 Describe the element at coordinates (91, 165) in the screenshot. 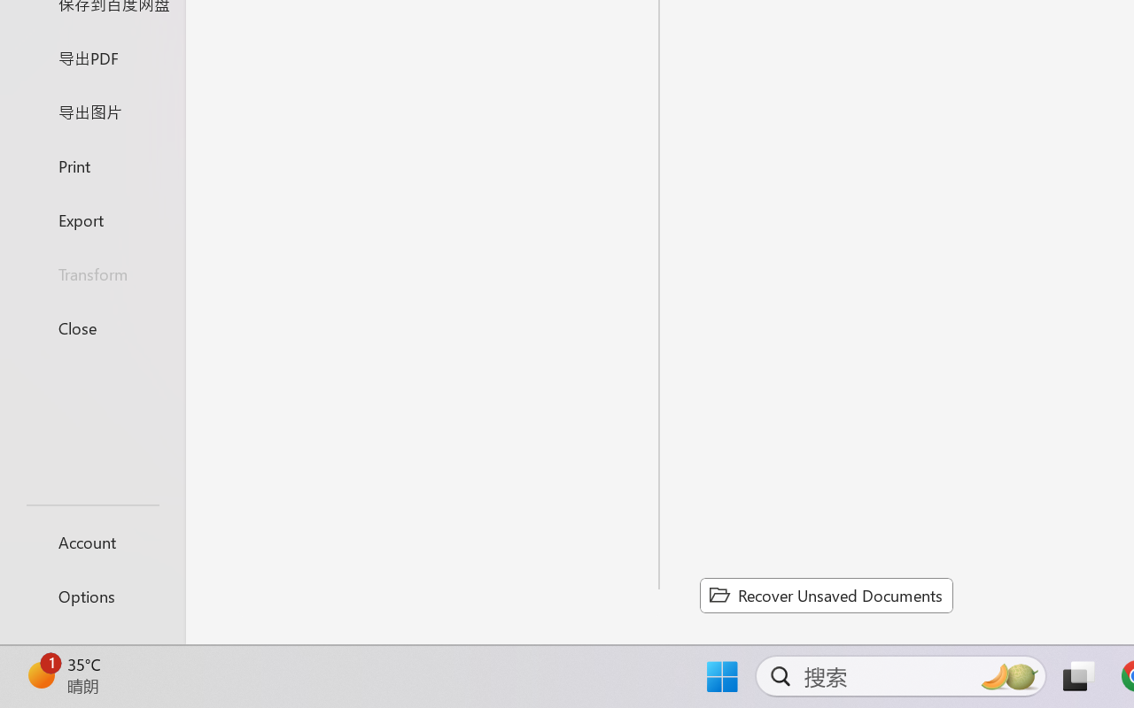

I see `'Print'` at that location.